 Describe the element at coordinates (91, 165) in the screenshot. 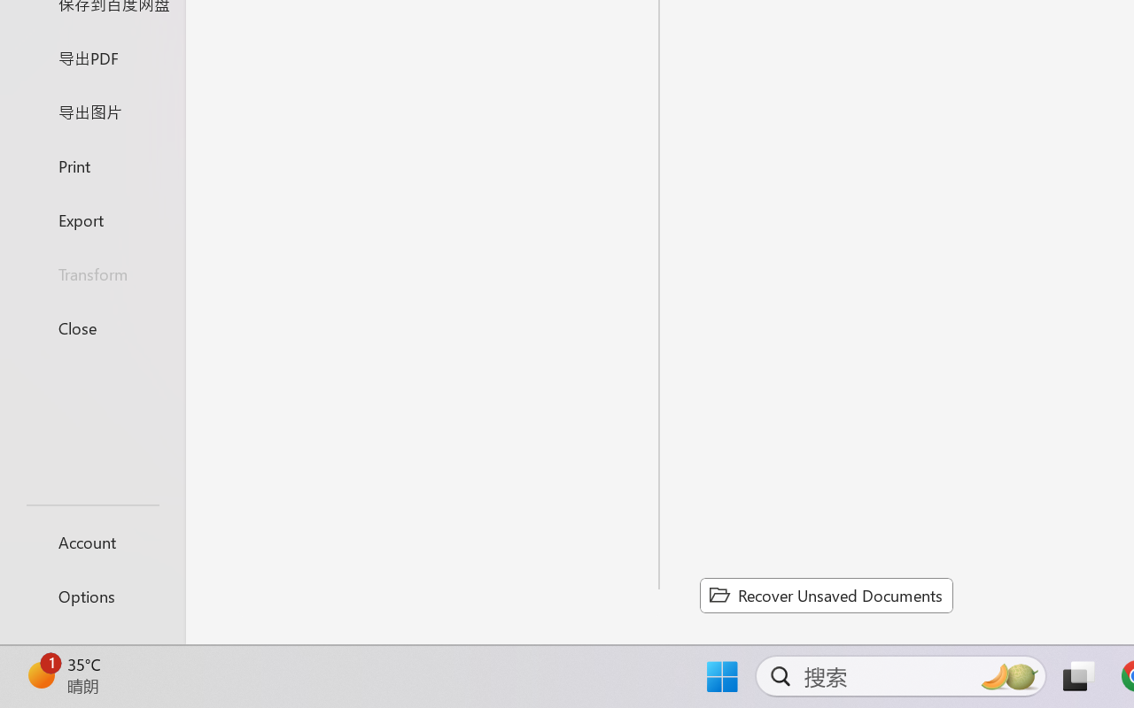

I see `'Print'` at that location.